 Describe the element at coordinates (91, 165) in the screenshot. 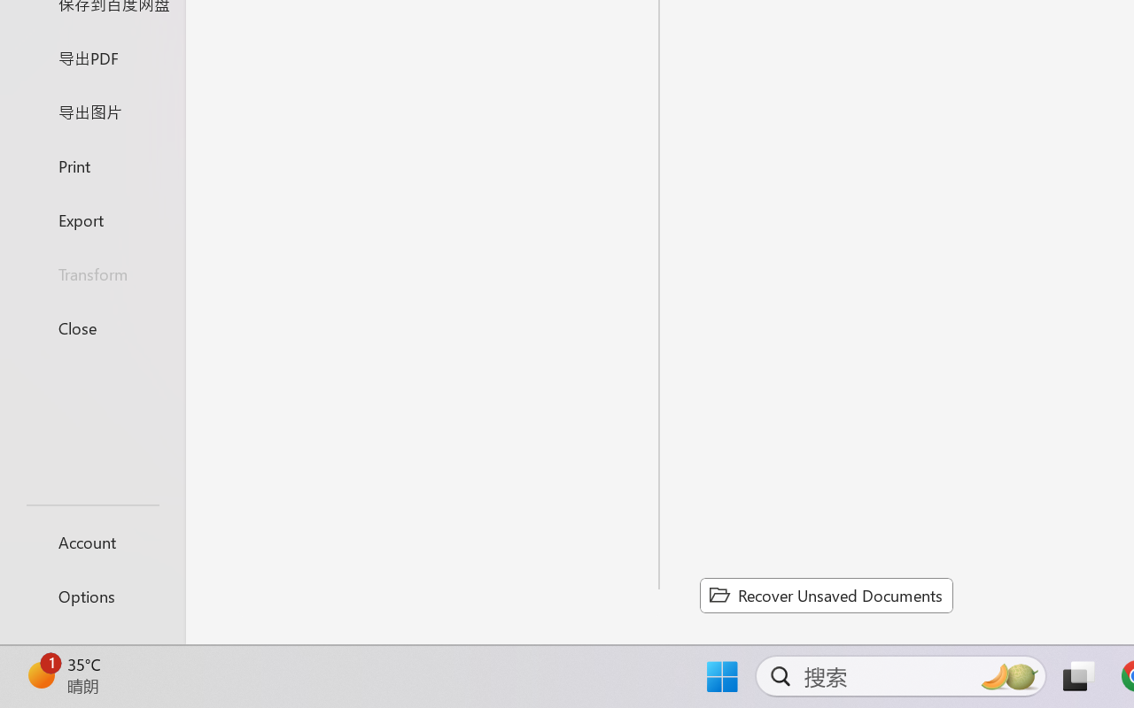

I see `'Print'` at that location.